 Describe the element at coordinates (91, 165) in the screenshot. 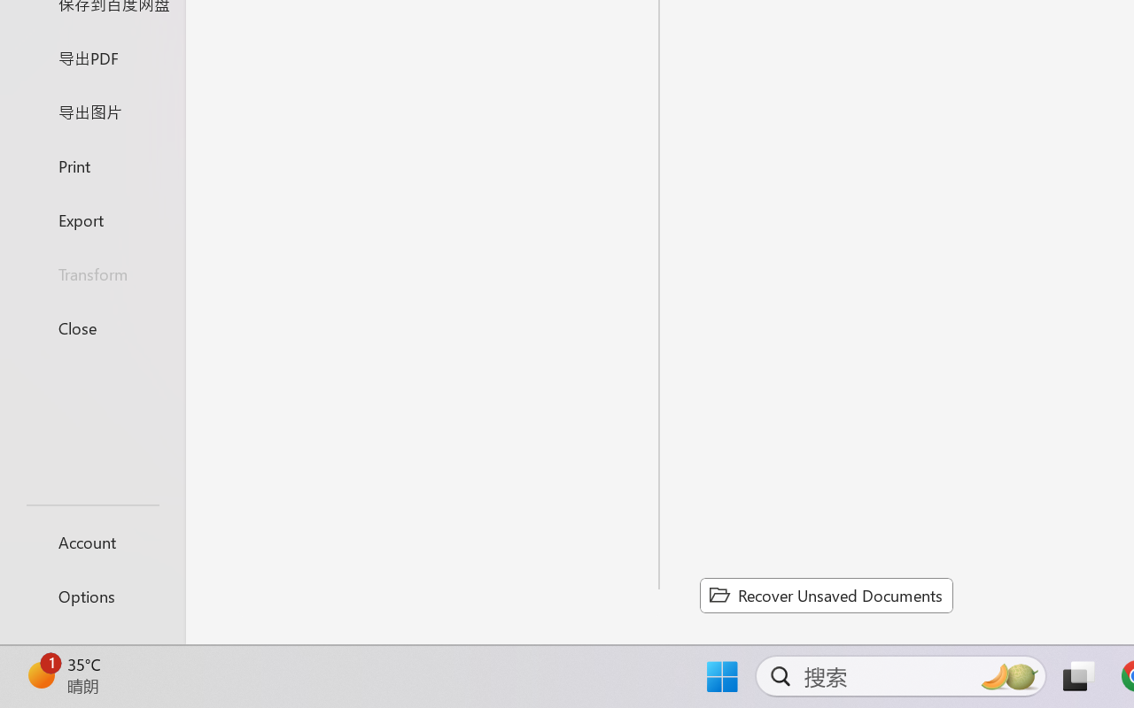

I see `'Print'` at that location.